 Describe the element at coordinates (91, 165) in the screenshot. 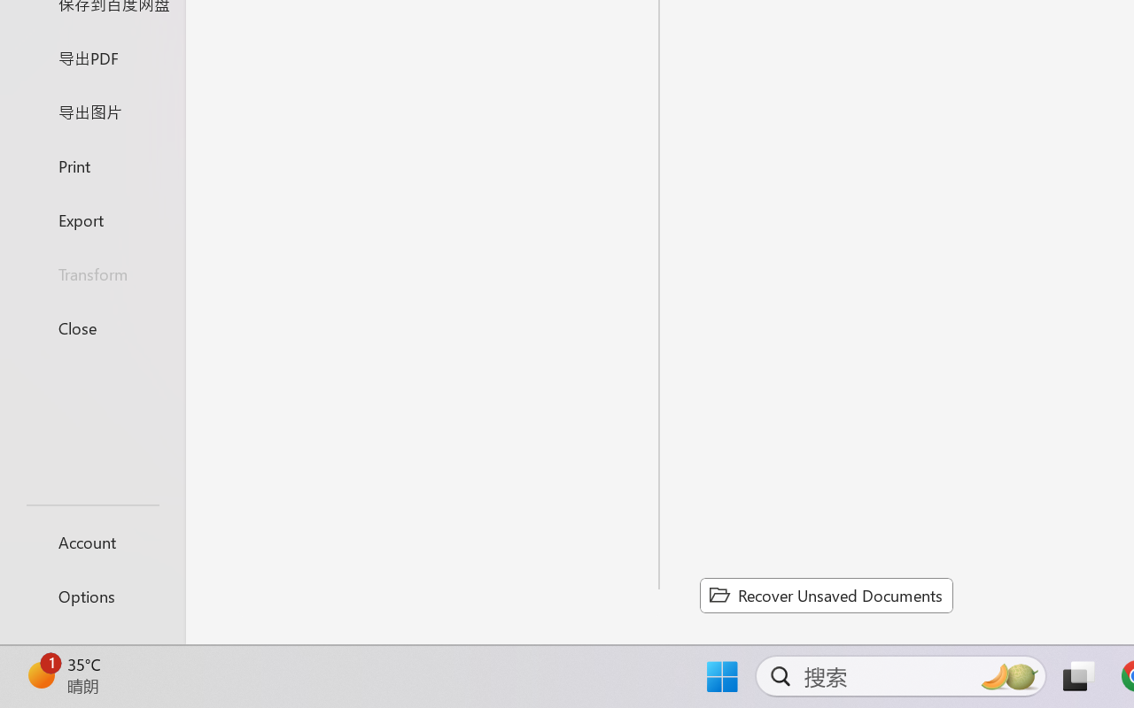

I see `'Print'` at that location.